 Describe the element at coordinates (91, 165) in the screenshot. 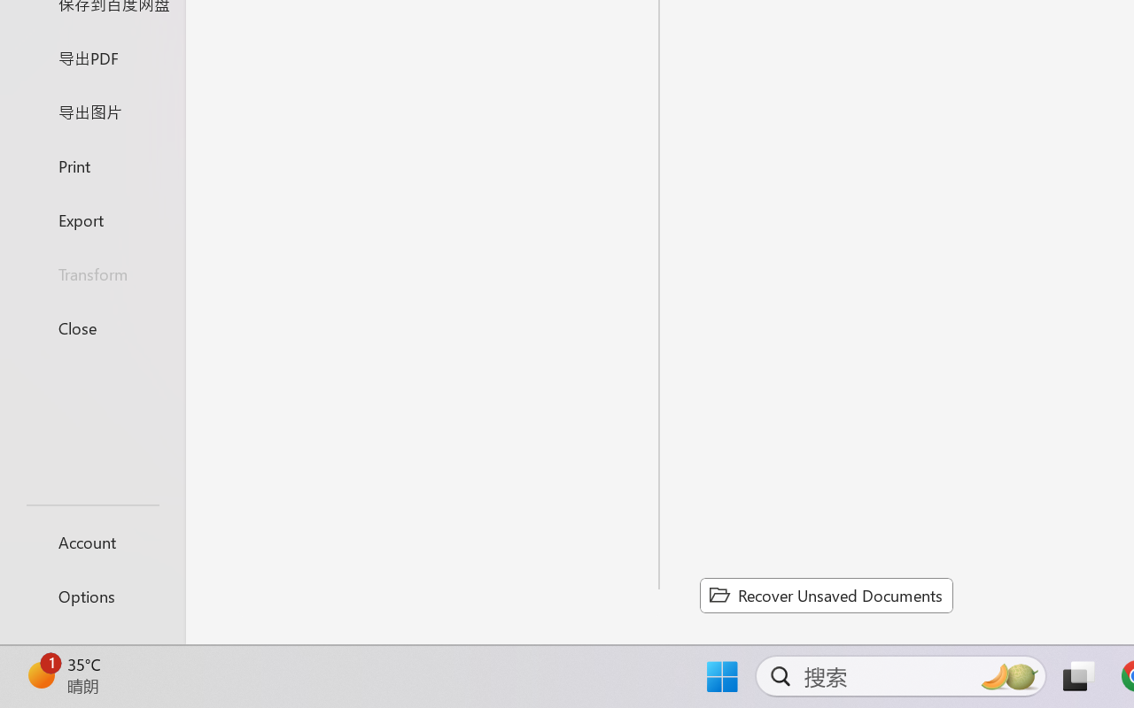

I see `'Print'` at that location.